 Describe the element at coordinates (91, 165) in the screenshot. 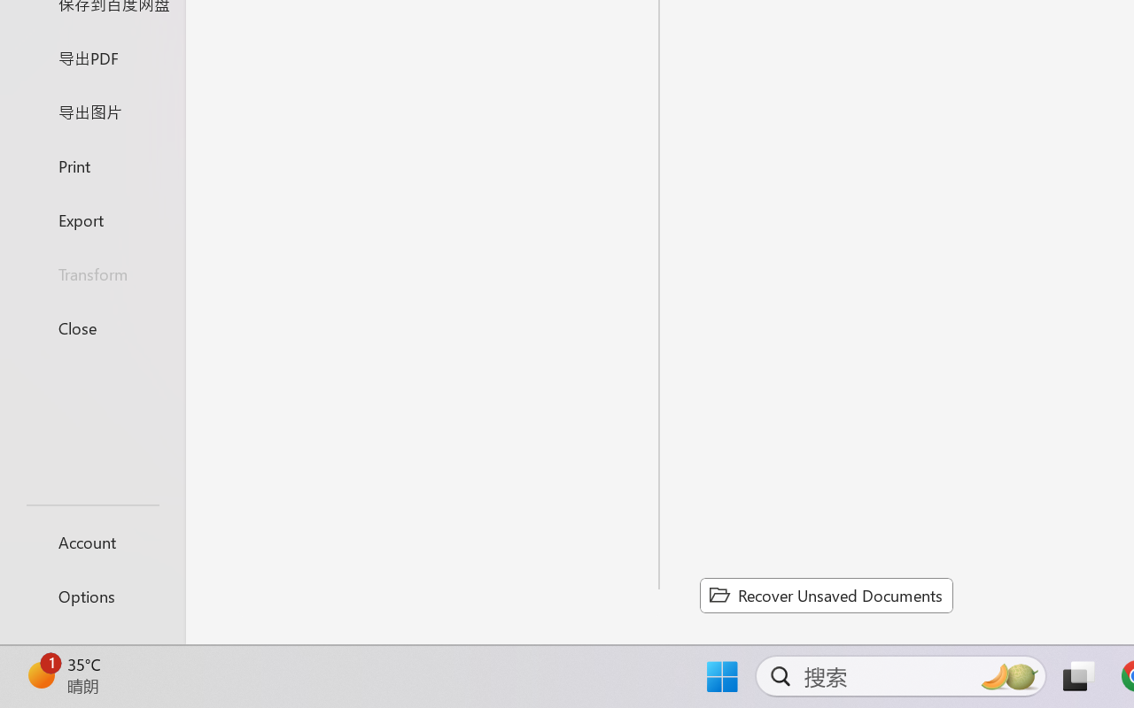

I see `'Print'` at that location.